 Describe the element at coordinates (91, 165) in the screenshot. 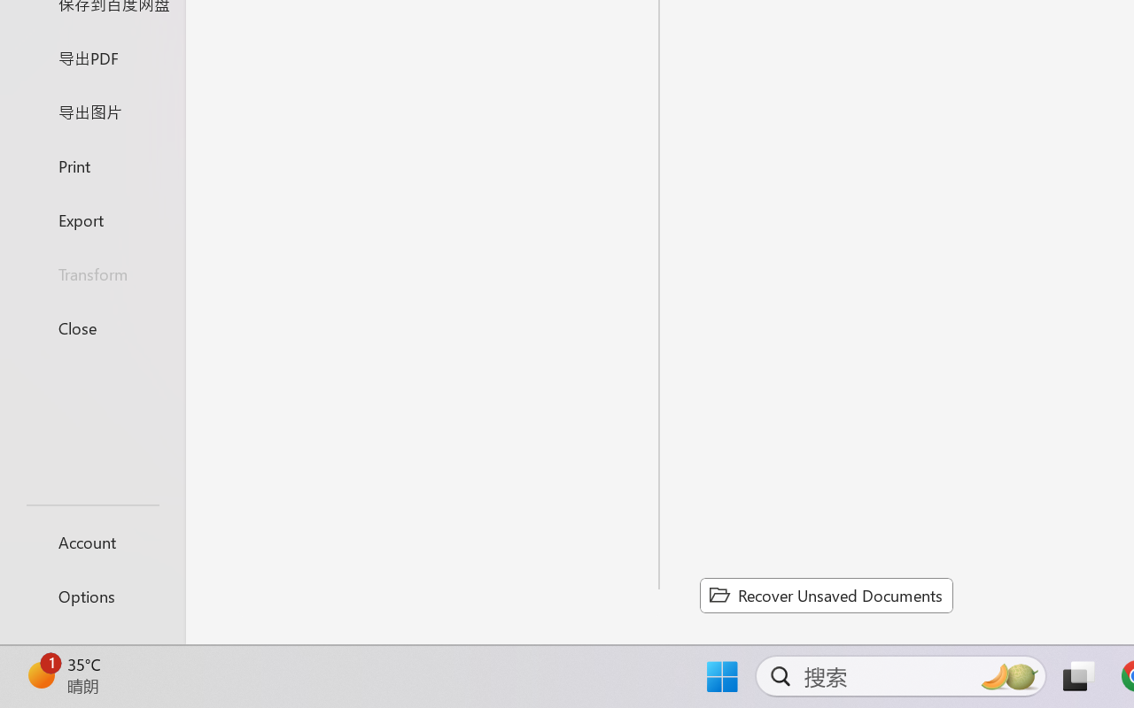

I see `'Print'` at that location.